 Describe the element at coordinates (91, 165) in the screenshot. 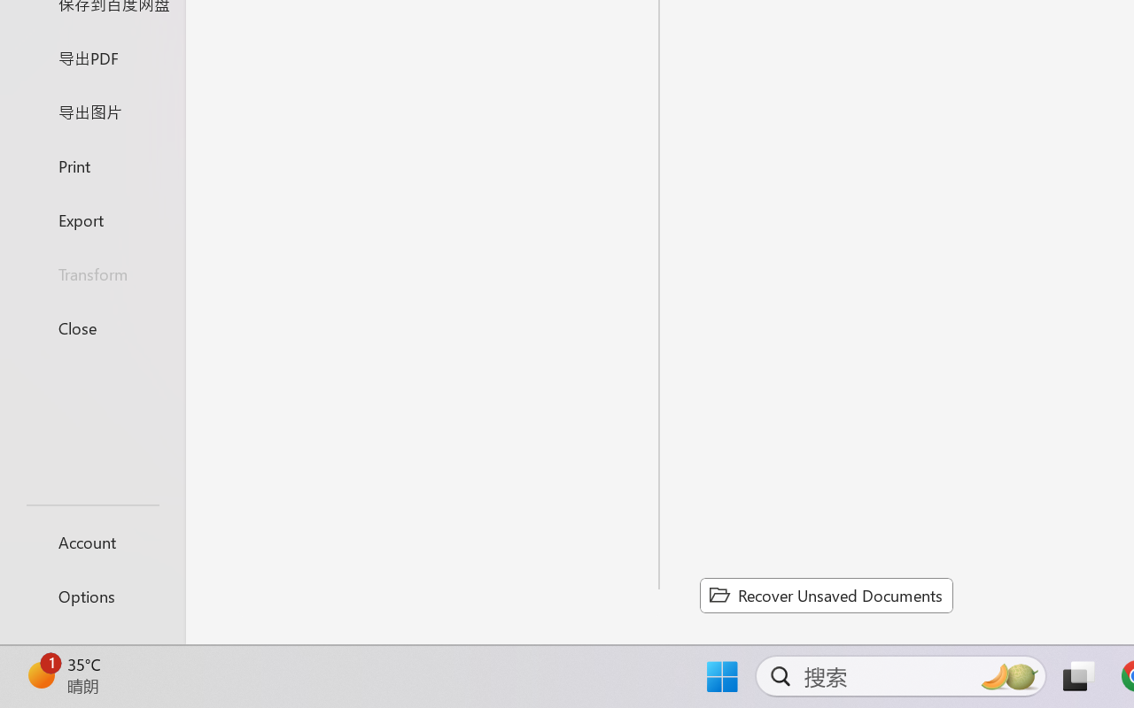

I see `'Print'` at that location.